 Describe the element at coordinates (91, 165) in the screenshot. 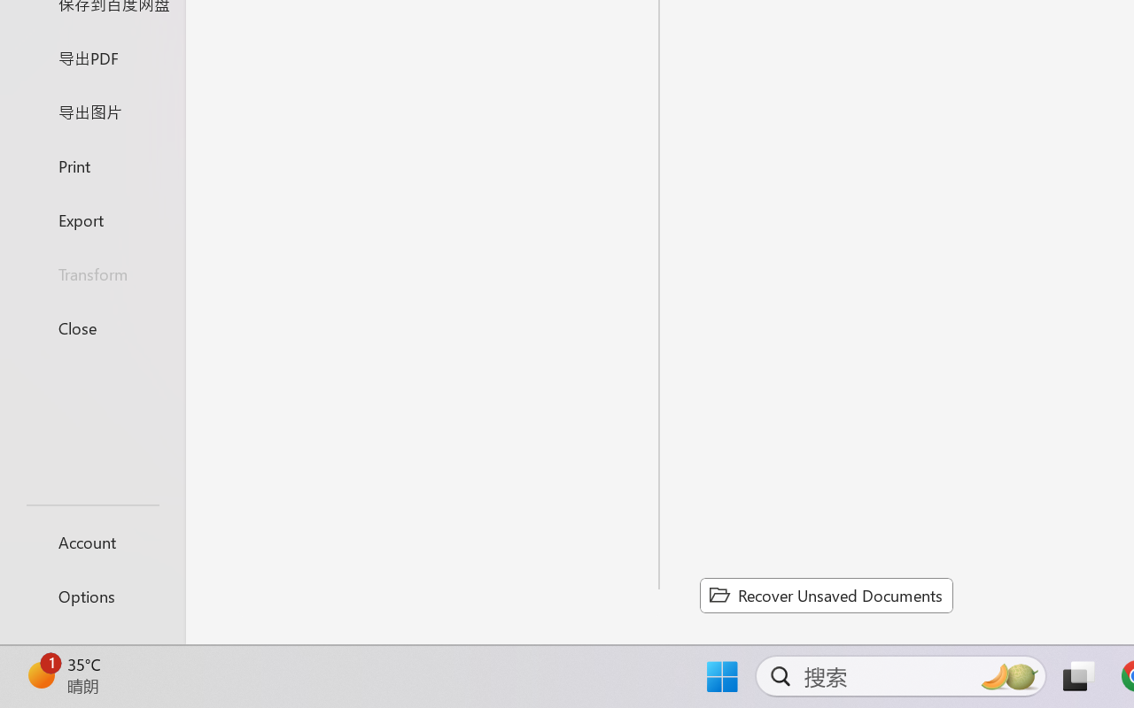

I see `'Print'` at that location.